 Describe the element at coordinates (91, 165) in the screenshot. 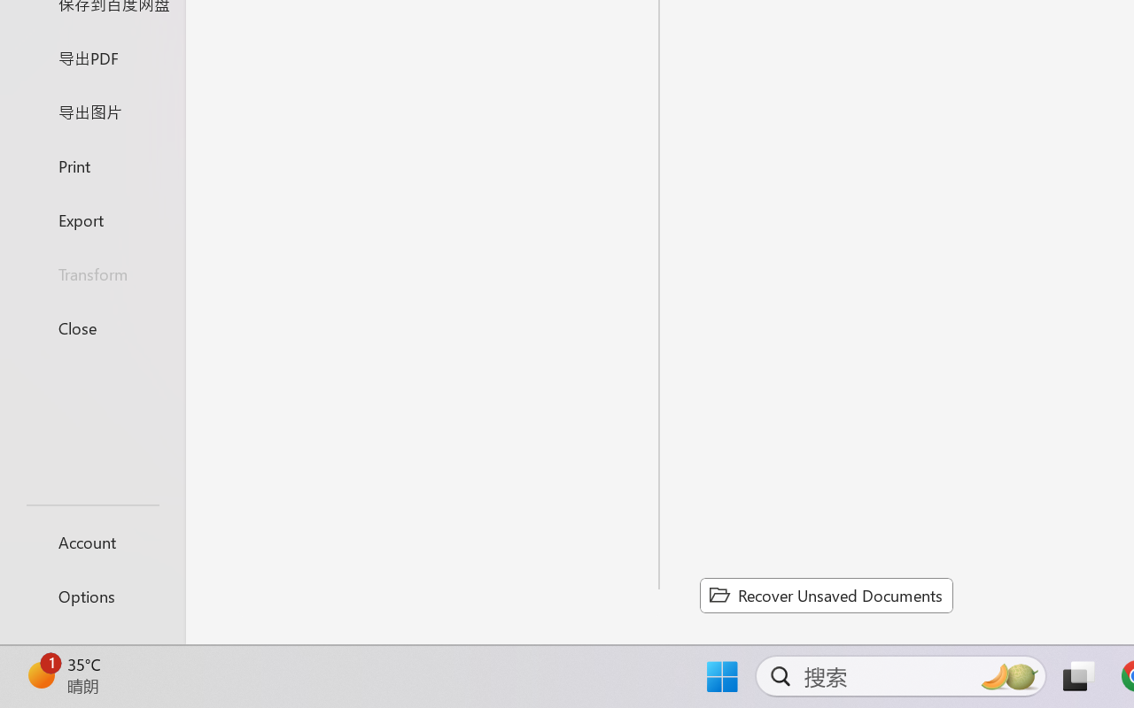

I see `'Print'` at that location.